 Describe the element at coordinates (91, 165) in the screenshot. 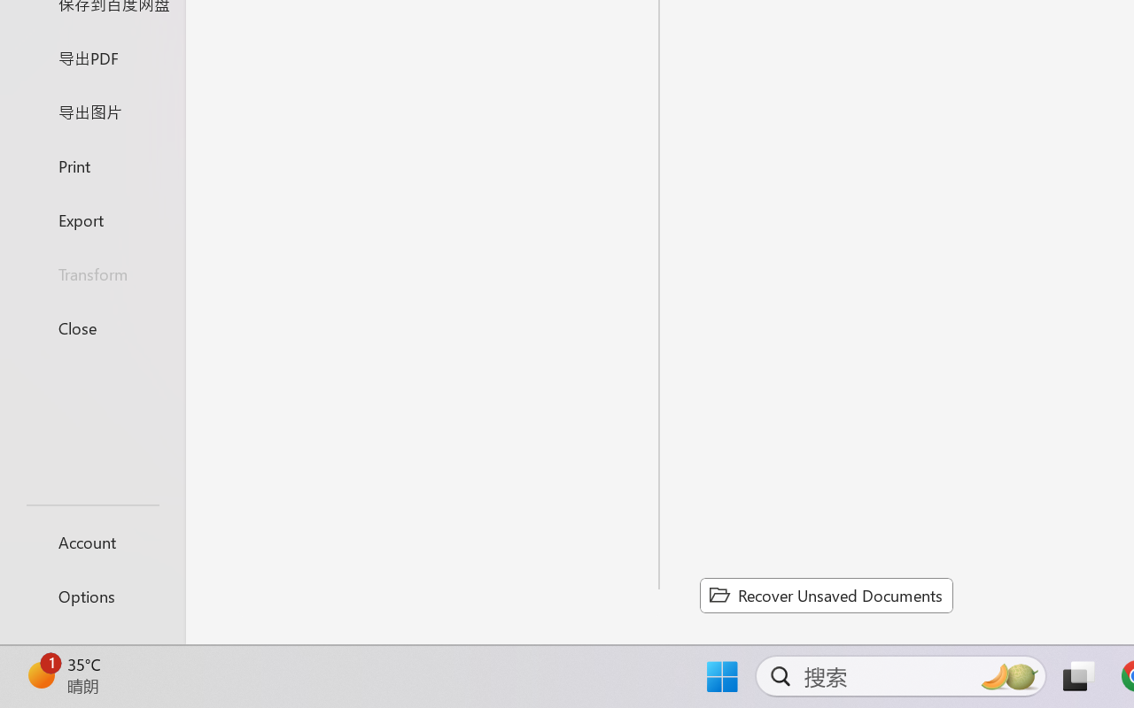

I see `'Print'` at that location.